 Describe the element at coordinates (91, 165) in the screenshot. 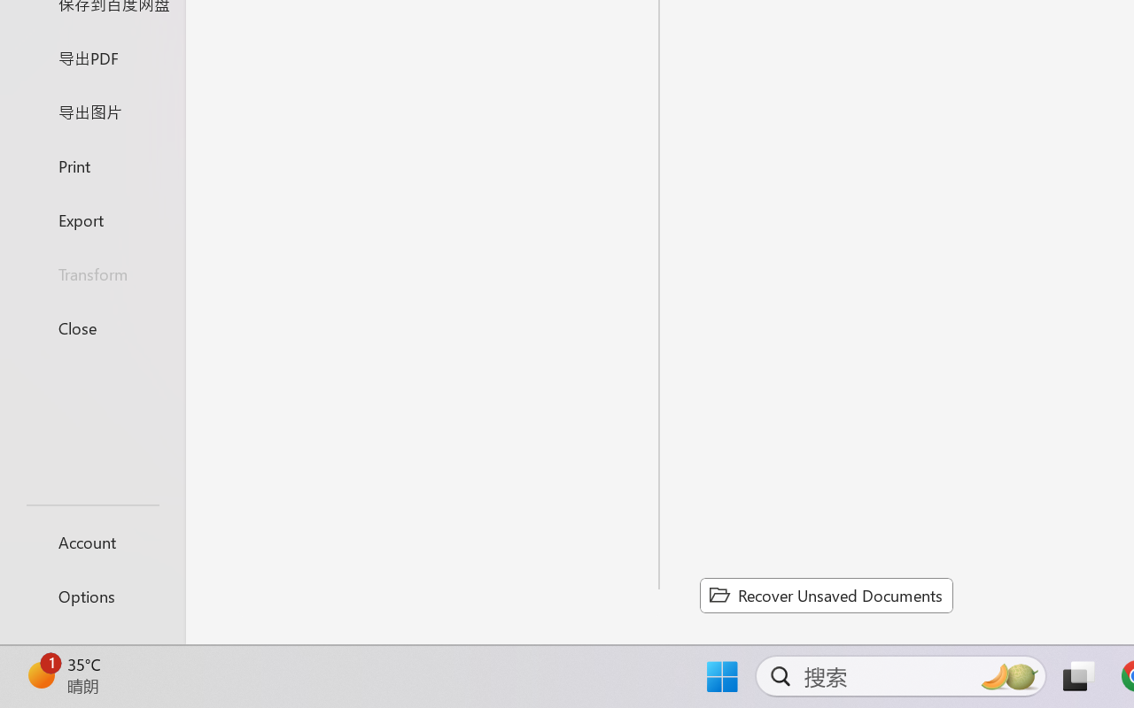

I see `'Print'` at that location.